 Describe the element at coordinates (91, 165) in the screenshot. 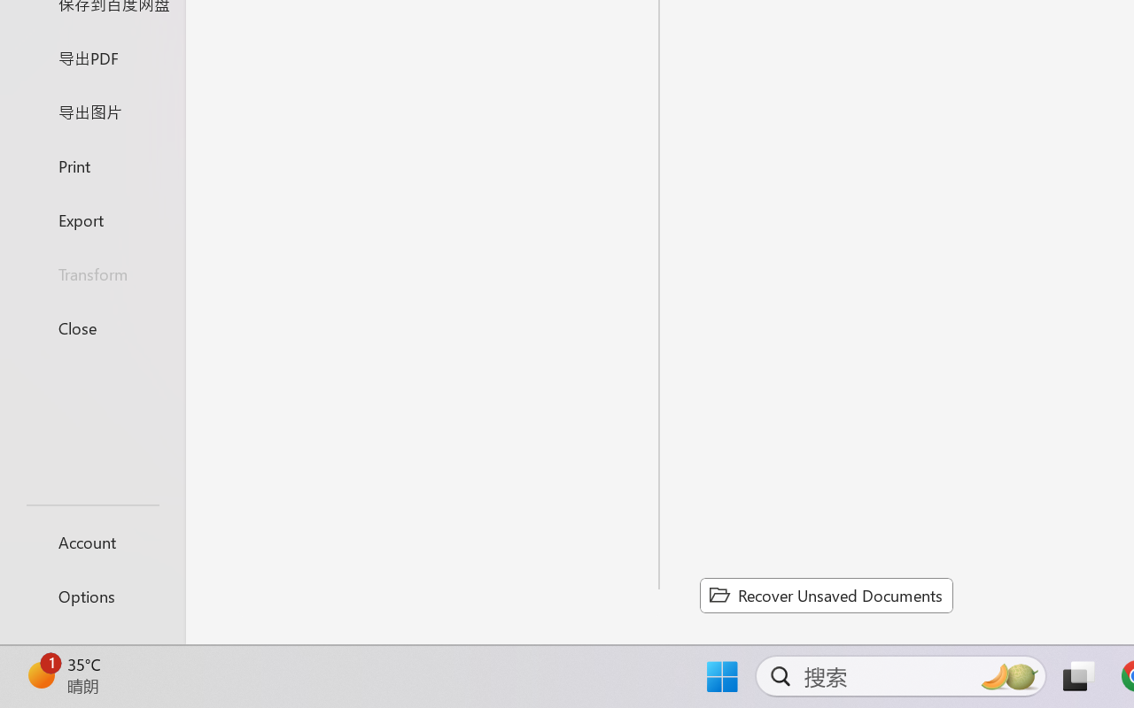

I see `'Print'` at that location.